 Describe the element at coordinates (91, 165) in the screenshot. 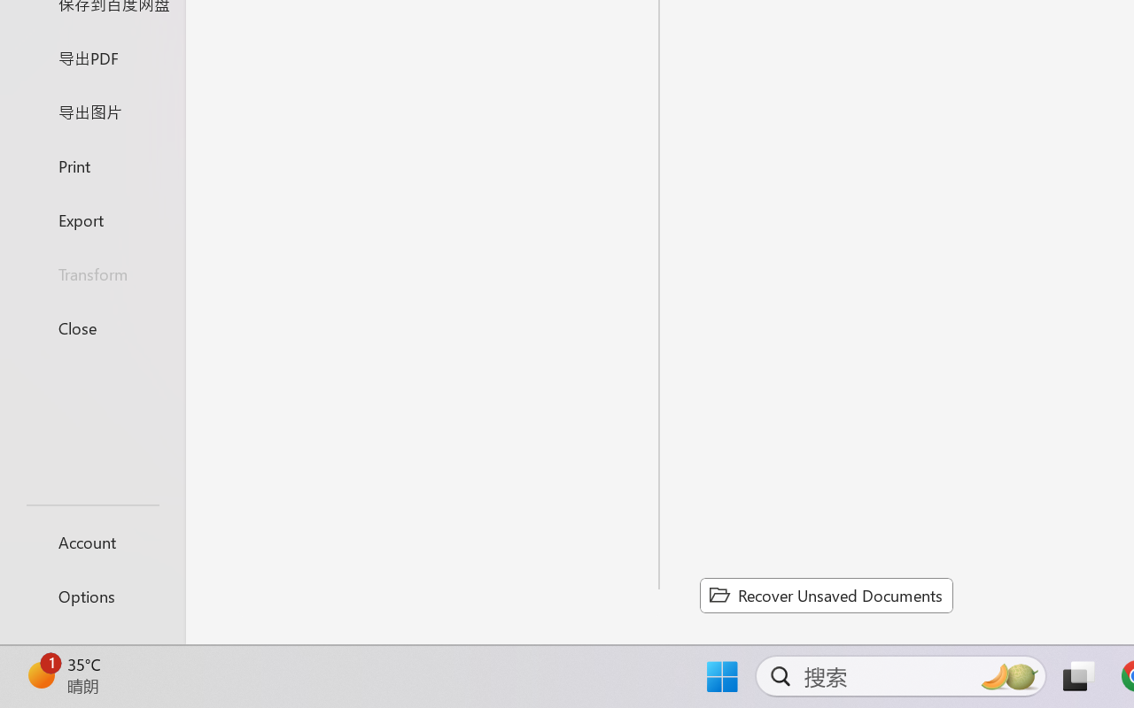

I see `'Print'` at that location.